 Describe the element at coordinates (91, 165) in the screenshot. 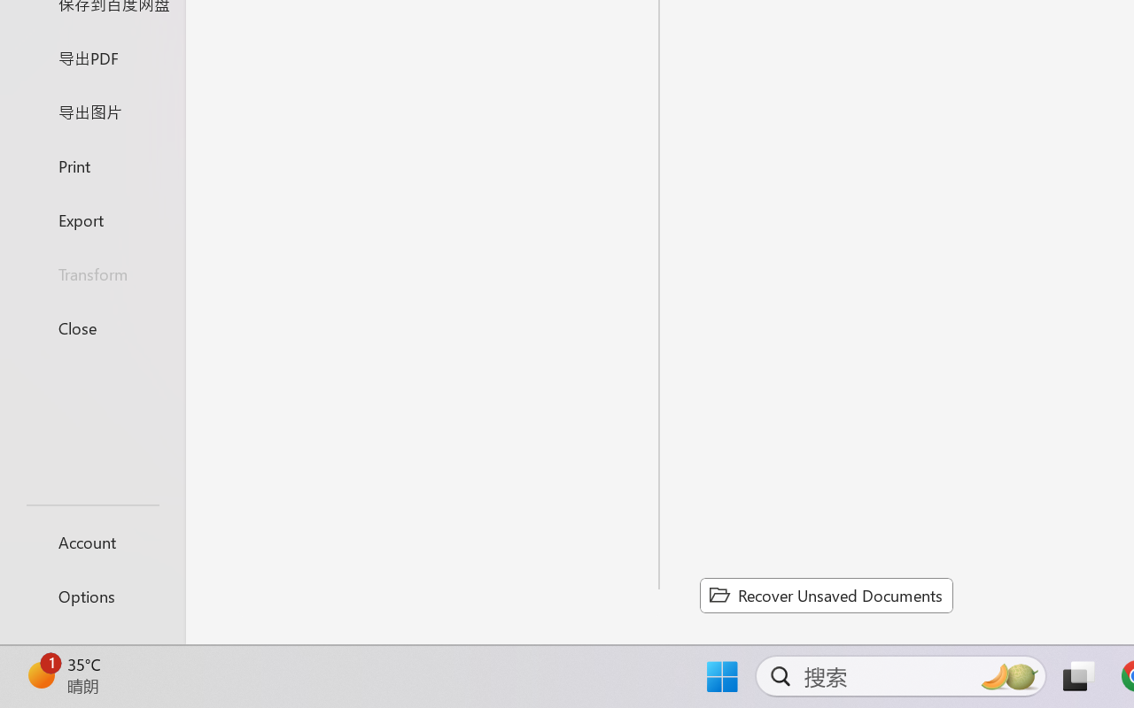

I see `'Print'` at that location.